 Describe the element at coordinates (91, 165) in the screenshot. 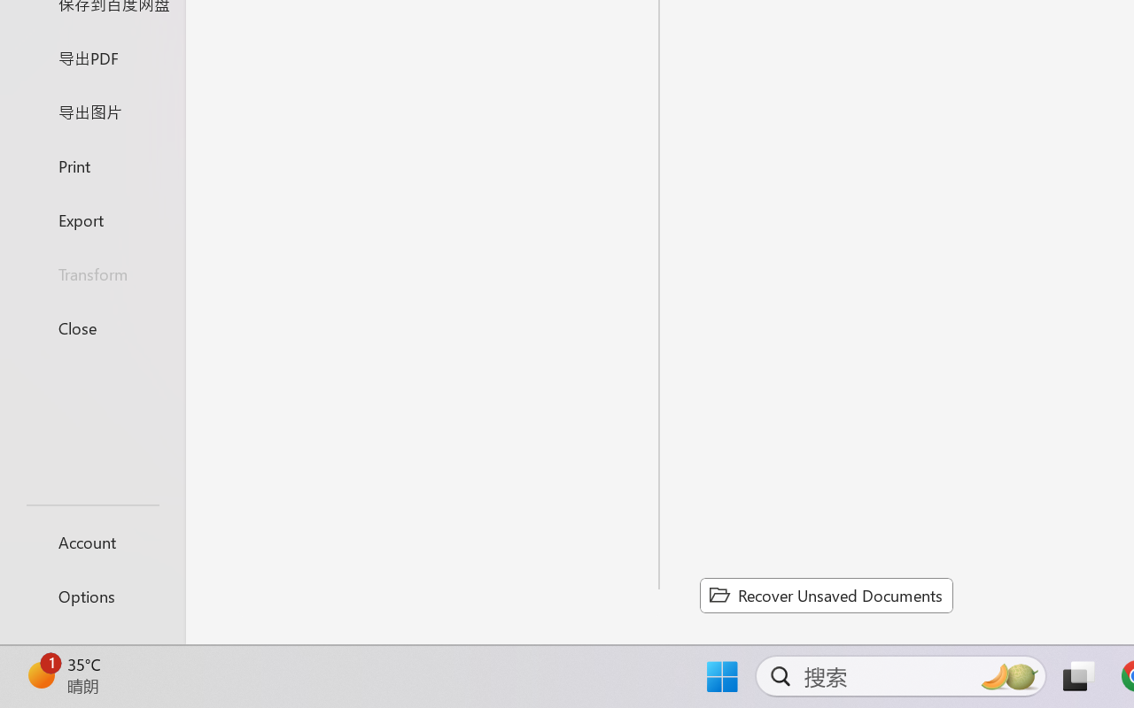

I see `'Print'` at that location.